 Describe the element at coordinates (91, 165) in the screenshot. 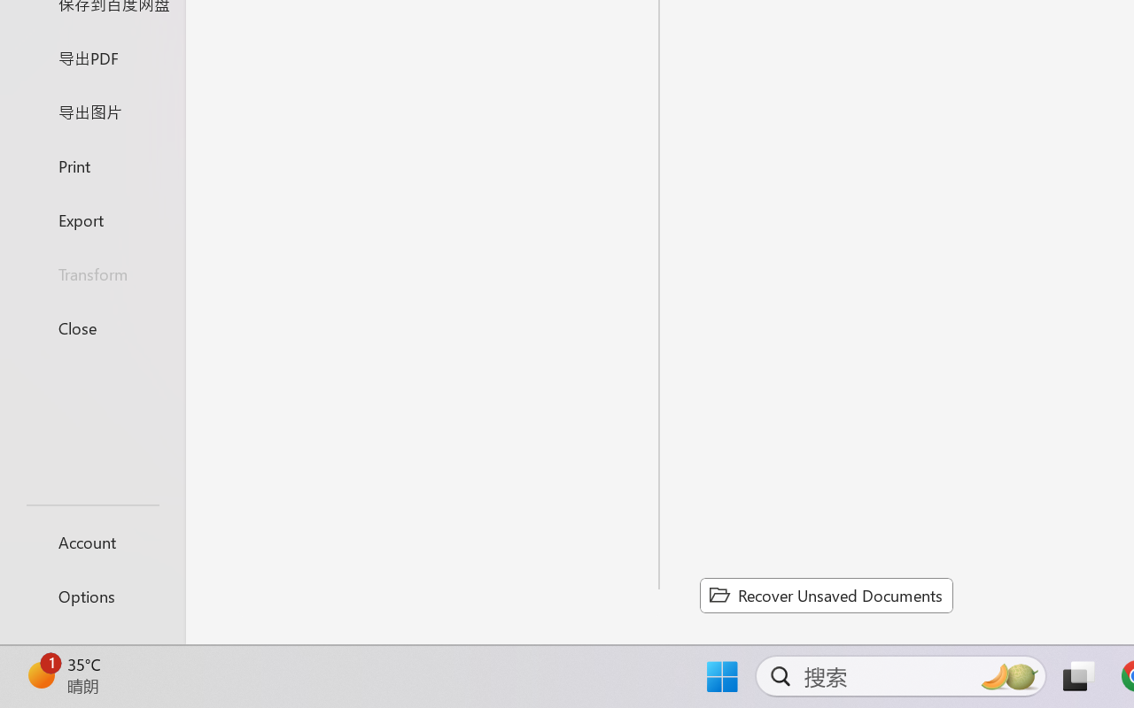

I see `'Print'` at that location.